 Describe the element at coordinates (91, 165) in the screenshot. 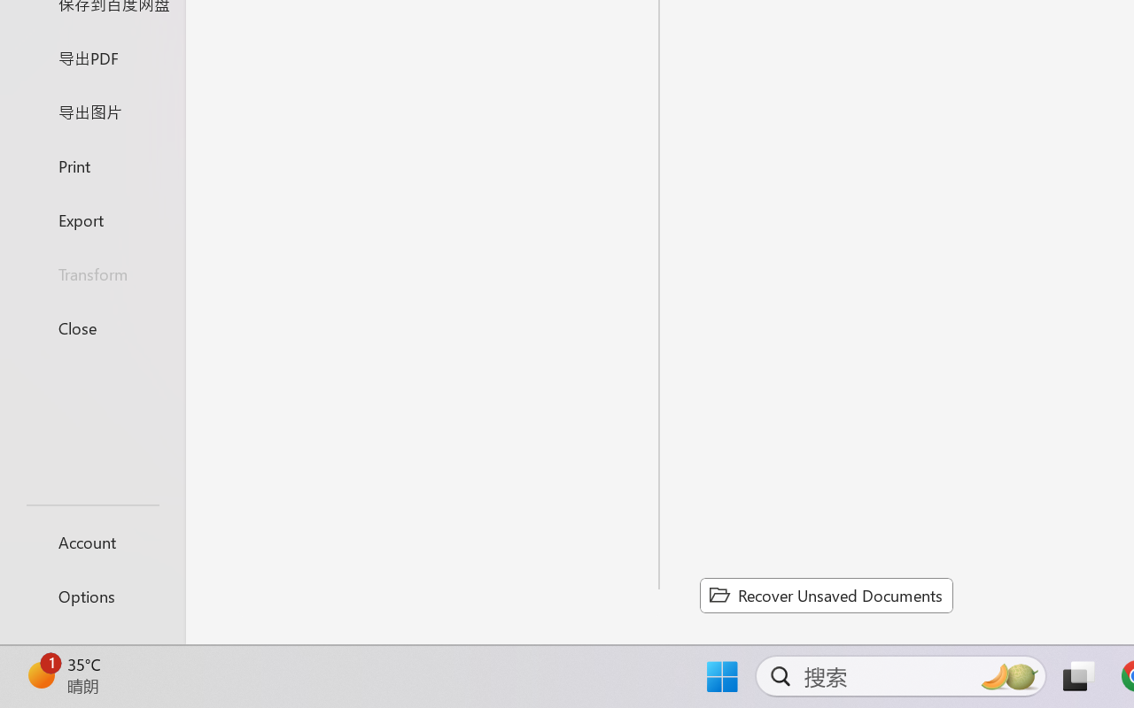

I see `'Print'` at that location.